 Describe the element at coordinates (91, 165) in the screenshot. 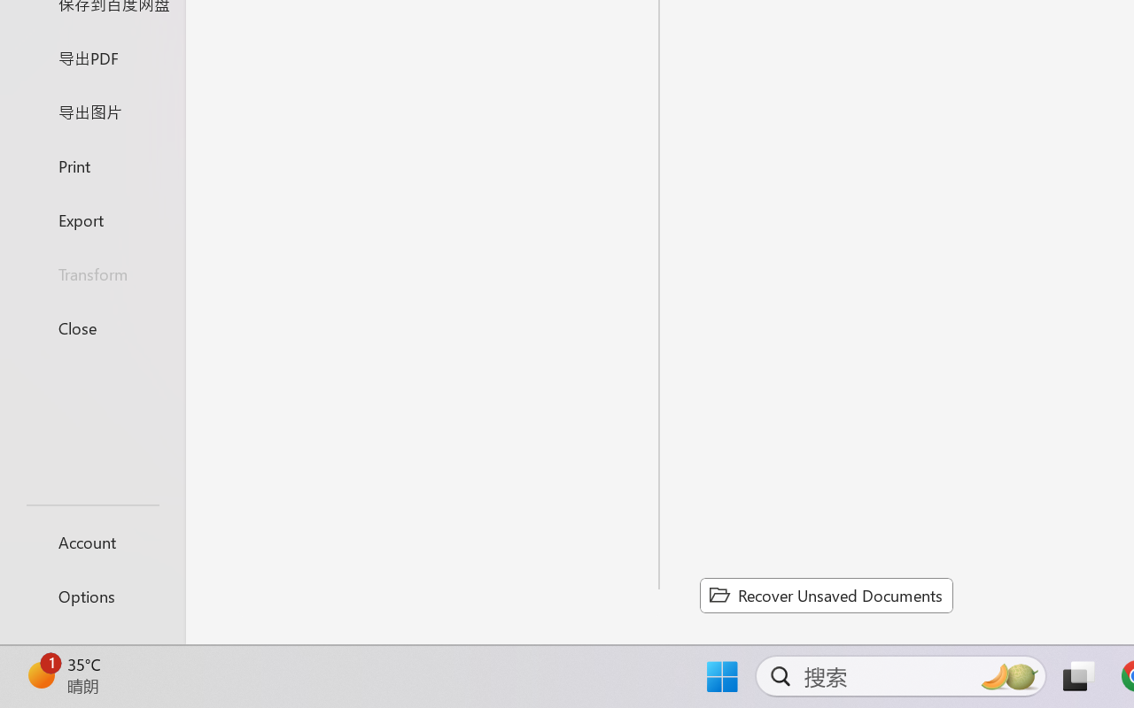

I see `'Print'` at that location.